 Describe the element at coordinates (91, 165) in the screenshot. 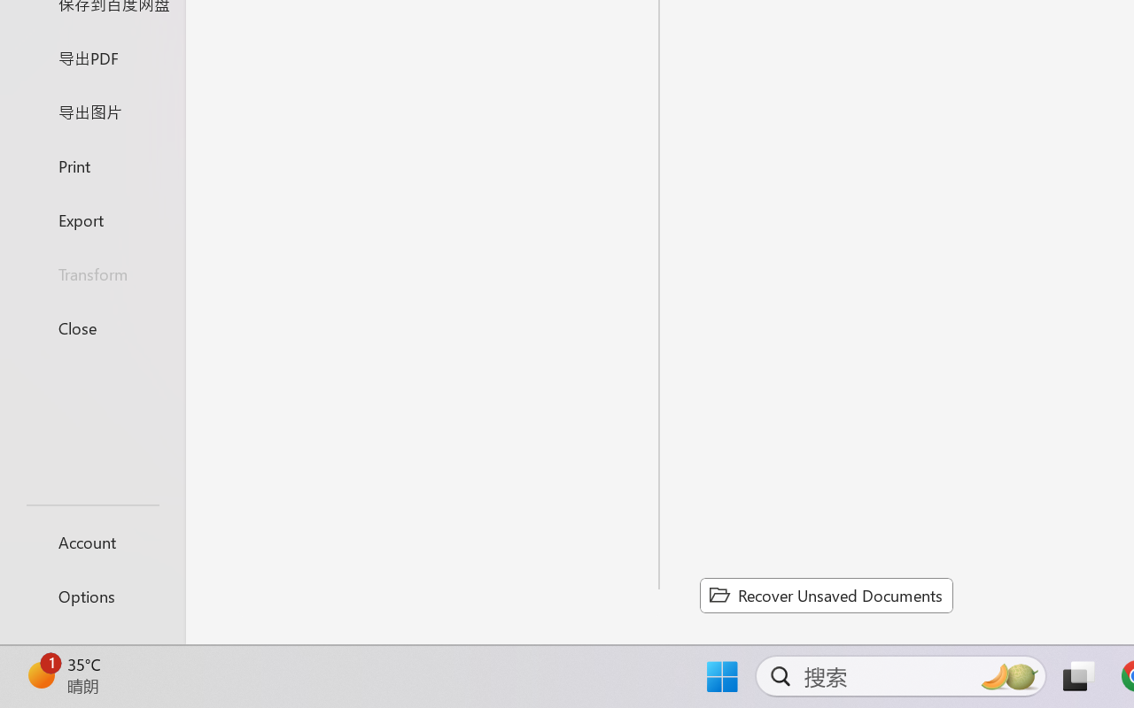

I see `'Print'` at that location.